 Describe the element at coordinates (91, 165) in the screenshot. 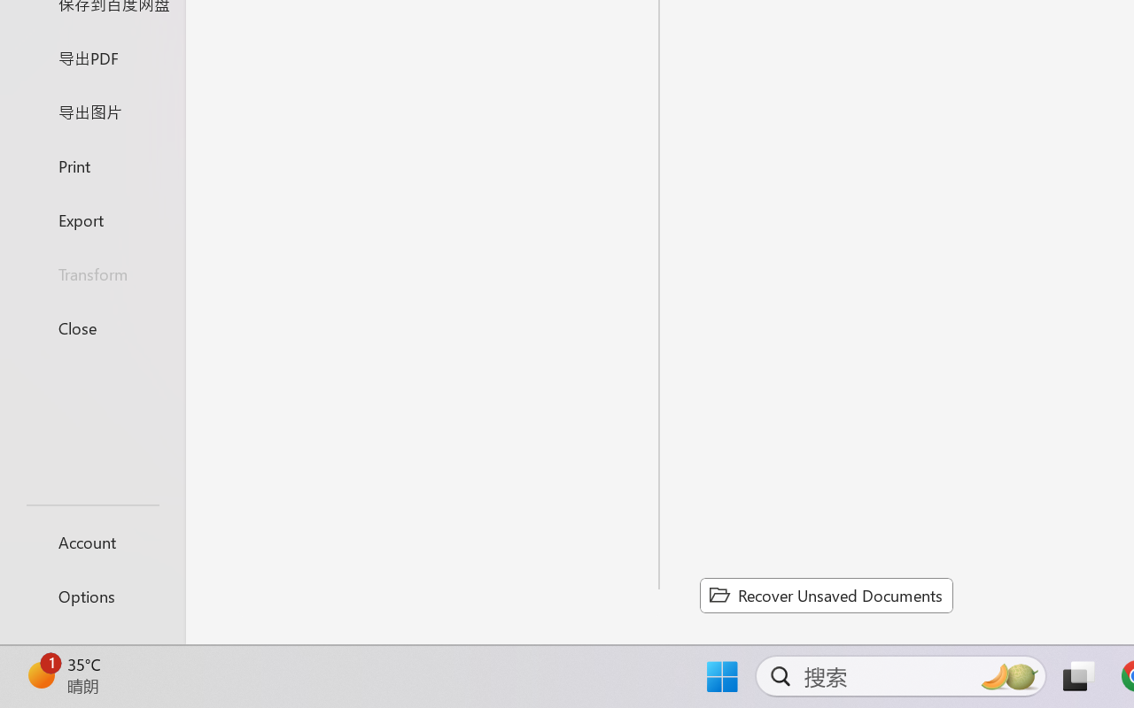

I see `'Print'` at that location.